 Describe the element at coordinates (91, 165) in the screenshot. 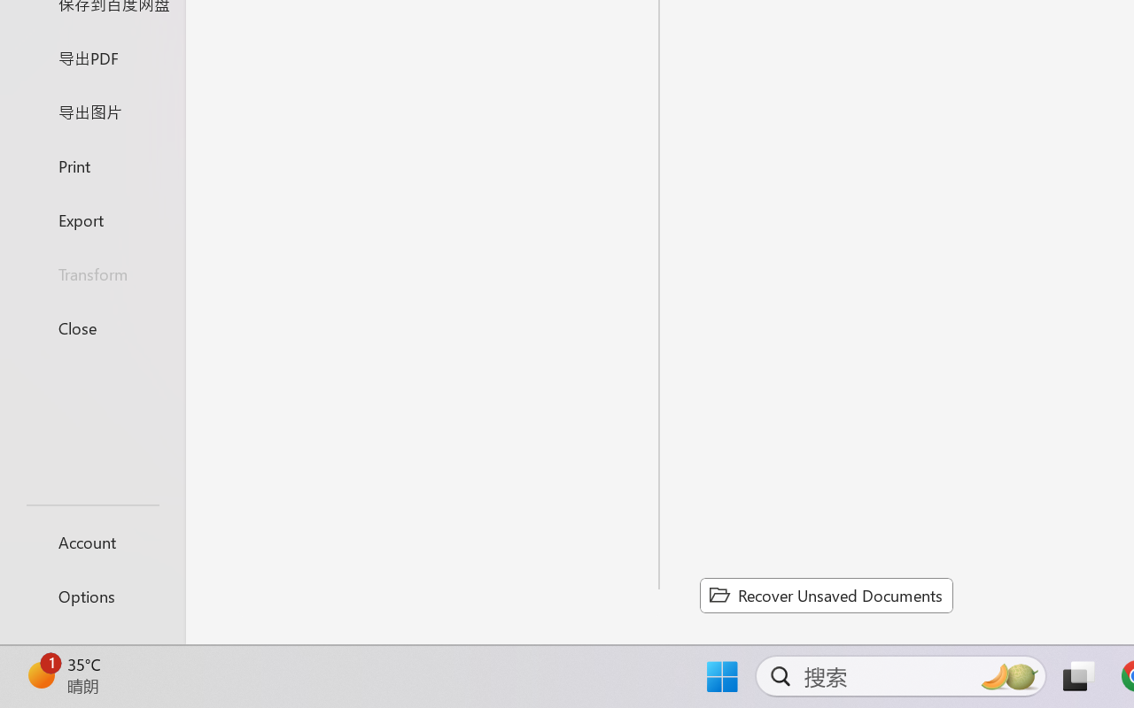

I see `'Print'` at that location.